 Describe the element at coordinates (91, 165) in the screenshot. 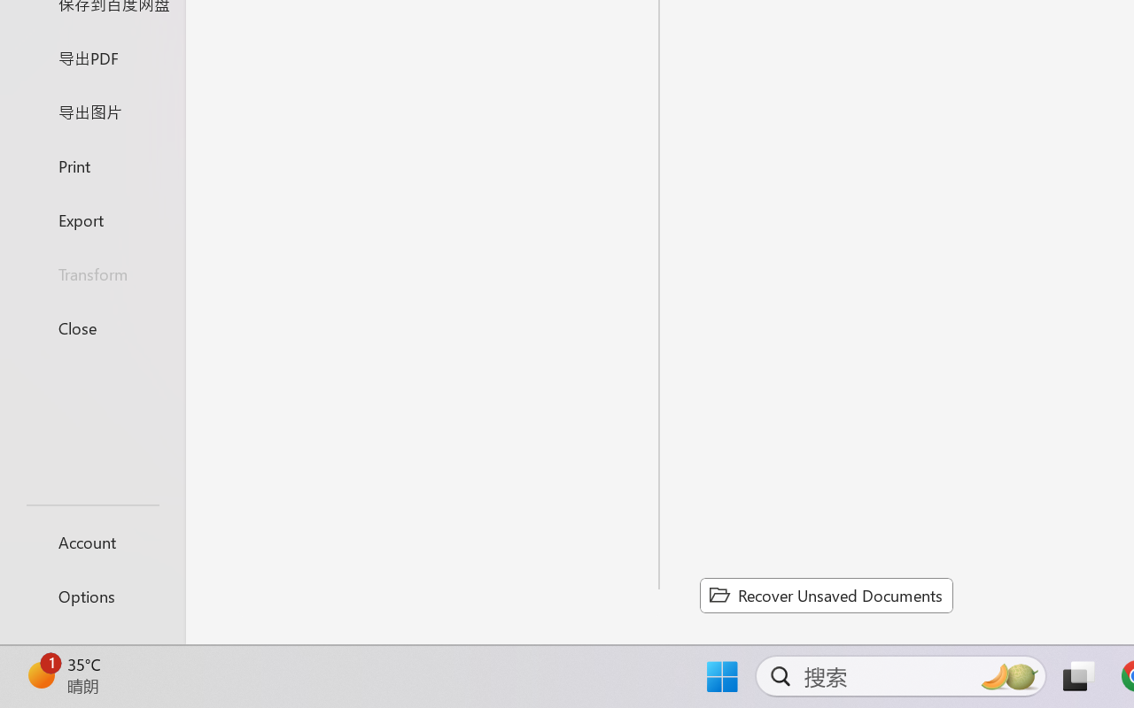

I see `'Print'` at that location.